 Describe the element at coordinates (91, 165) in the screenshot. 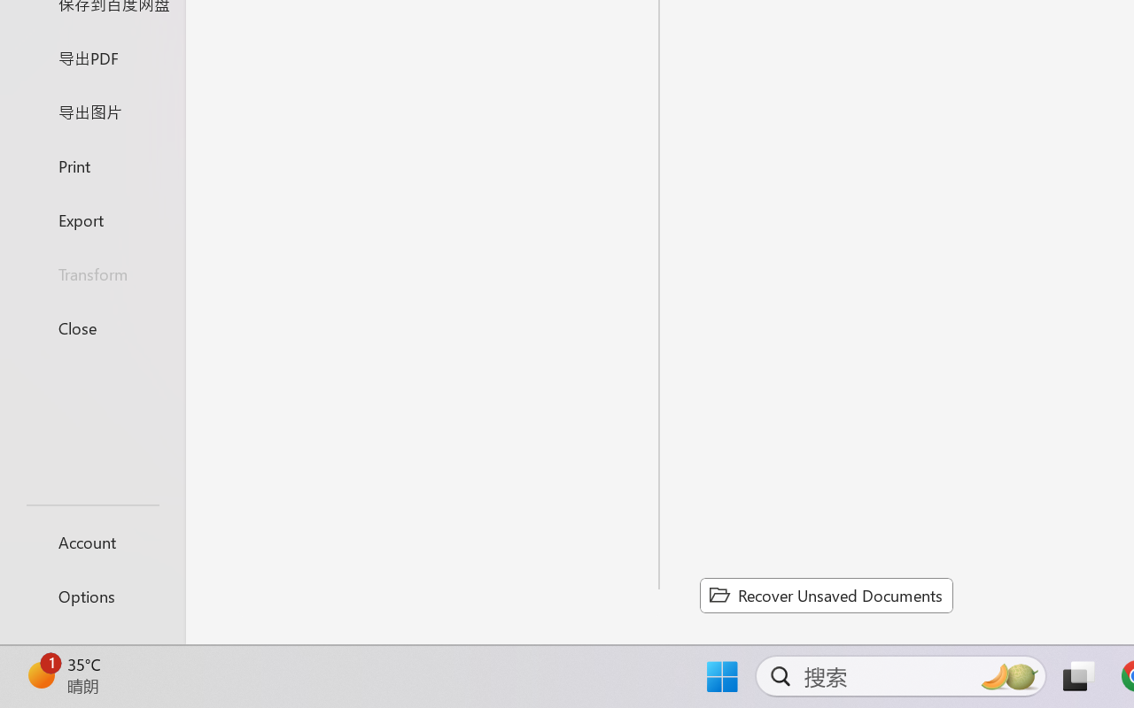

I see `'Print'` at that location.